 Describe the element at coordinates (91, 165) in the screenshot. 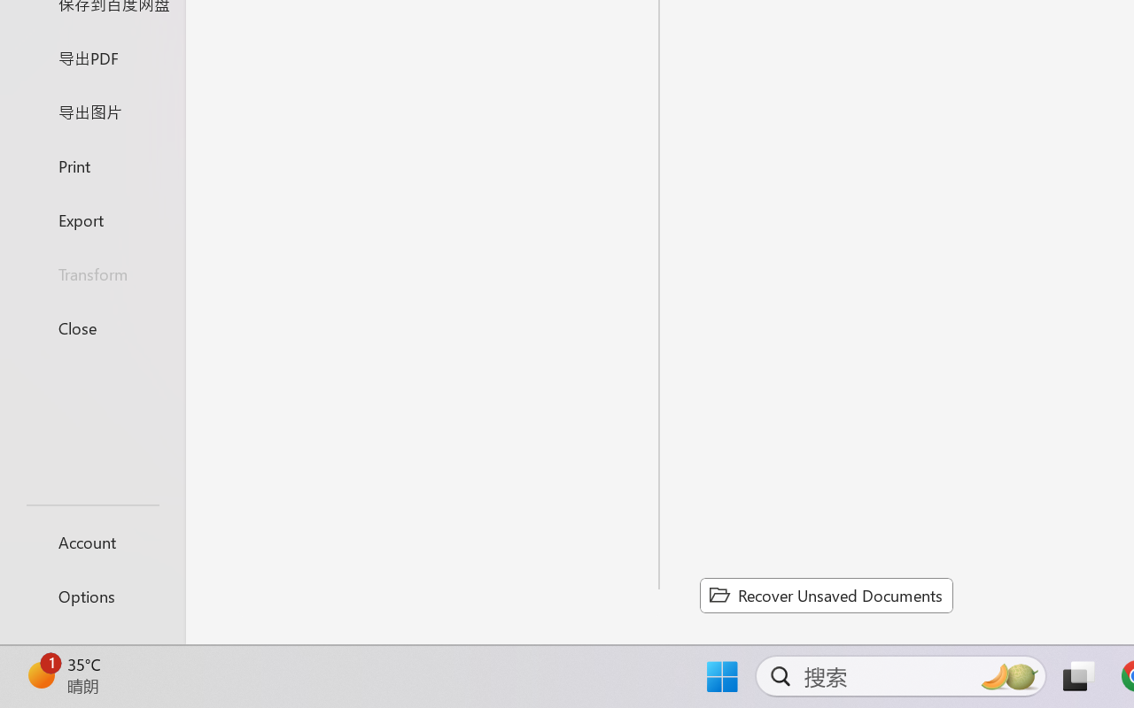

I see `'Print'` at that location.